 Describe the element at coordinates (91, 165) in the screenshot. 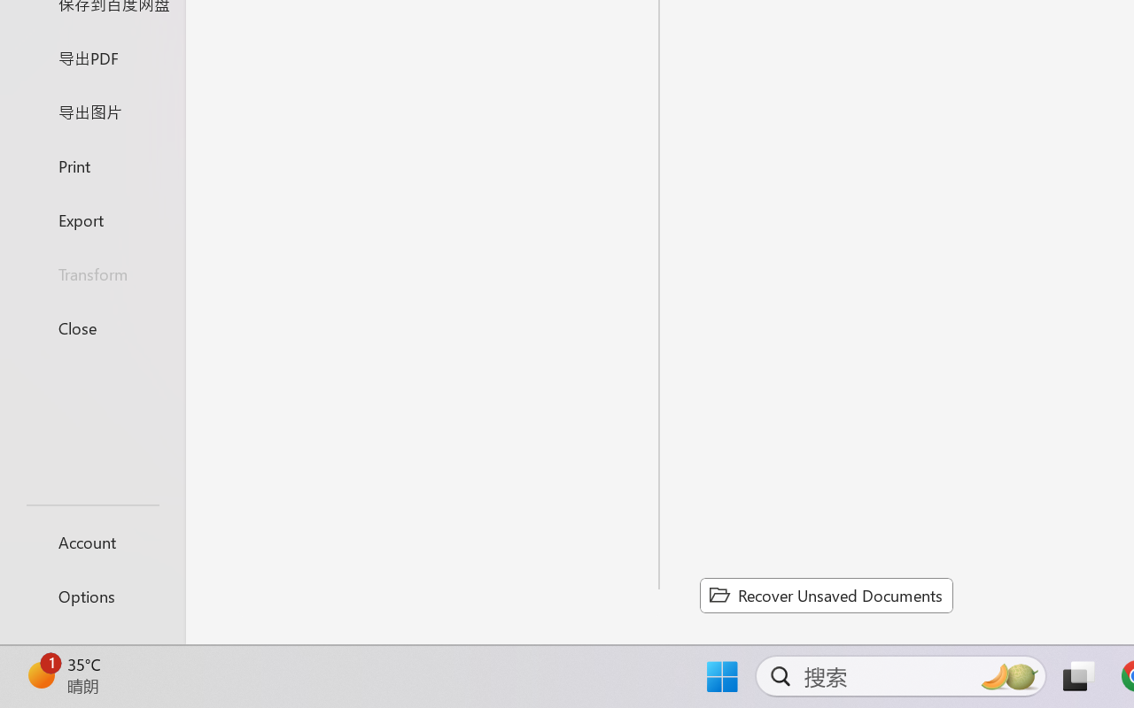

I see `'Print'` at that location.